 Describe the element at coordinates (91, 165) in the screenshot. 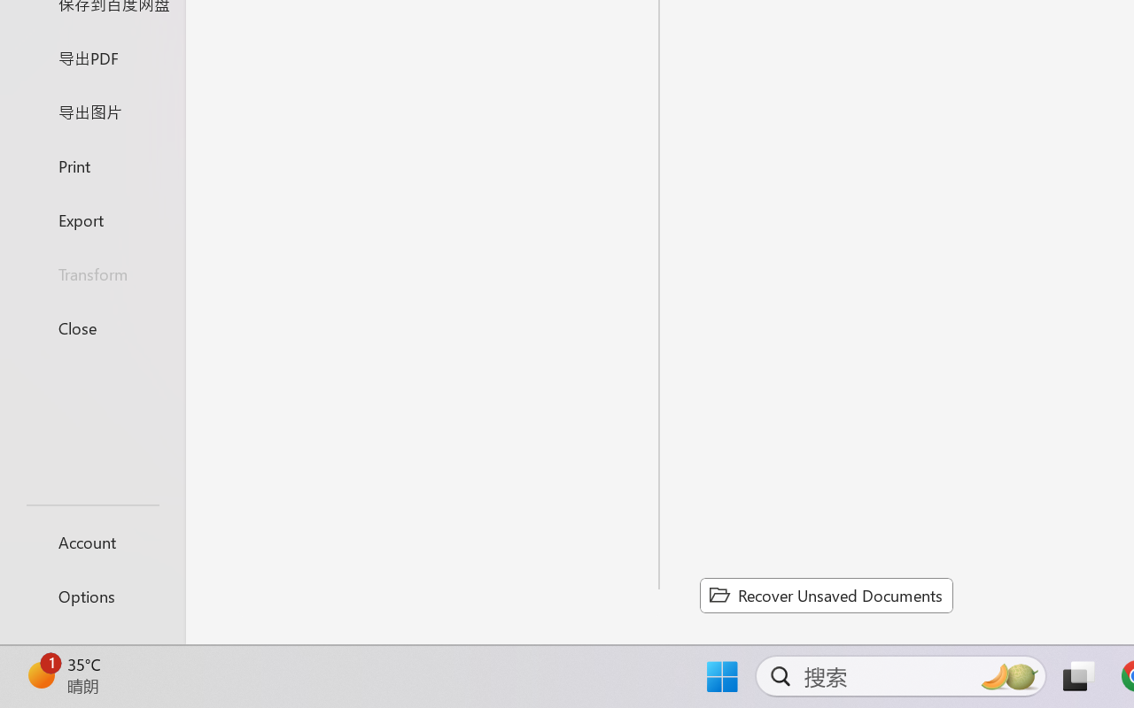

I see `'Print'` at that location.